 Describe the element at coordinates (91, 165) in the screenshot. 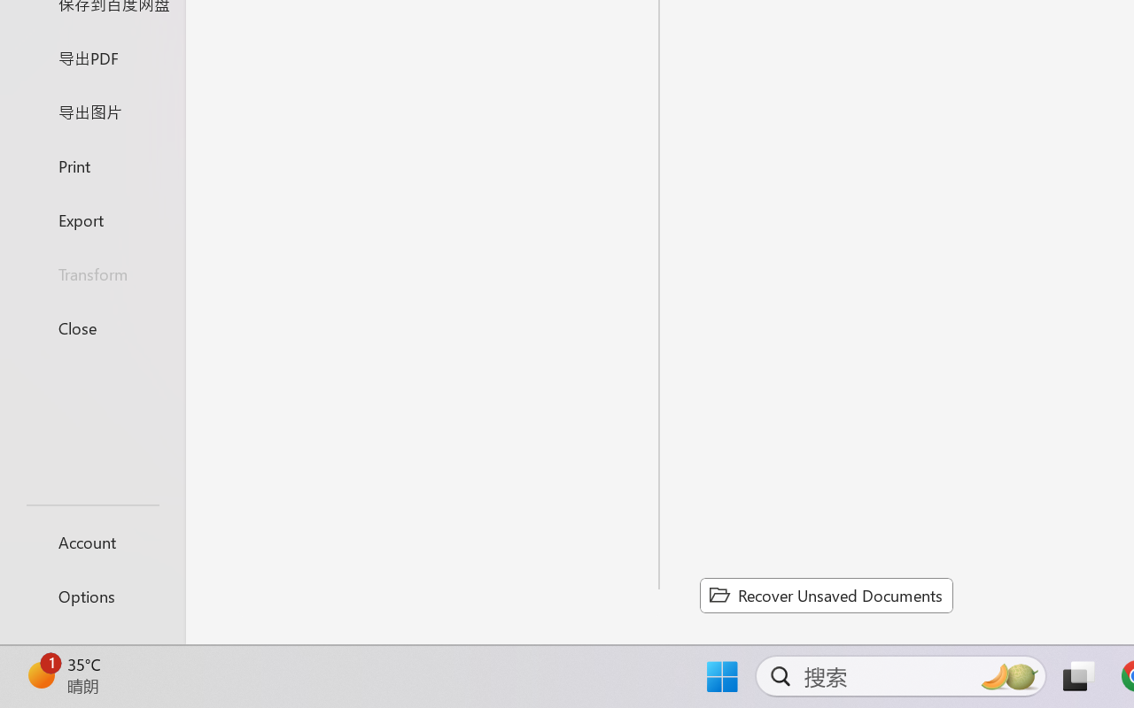

I see `'Print'` at that location.